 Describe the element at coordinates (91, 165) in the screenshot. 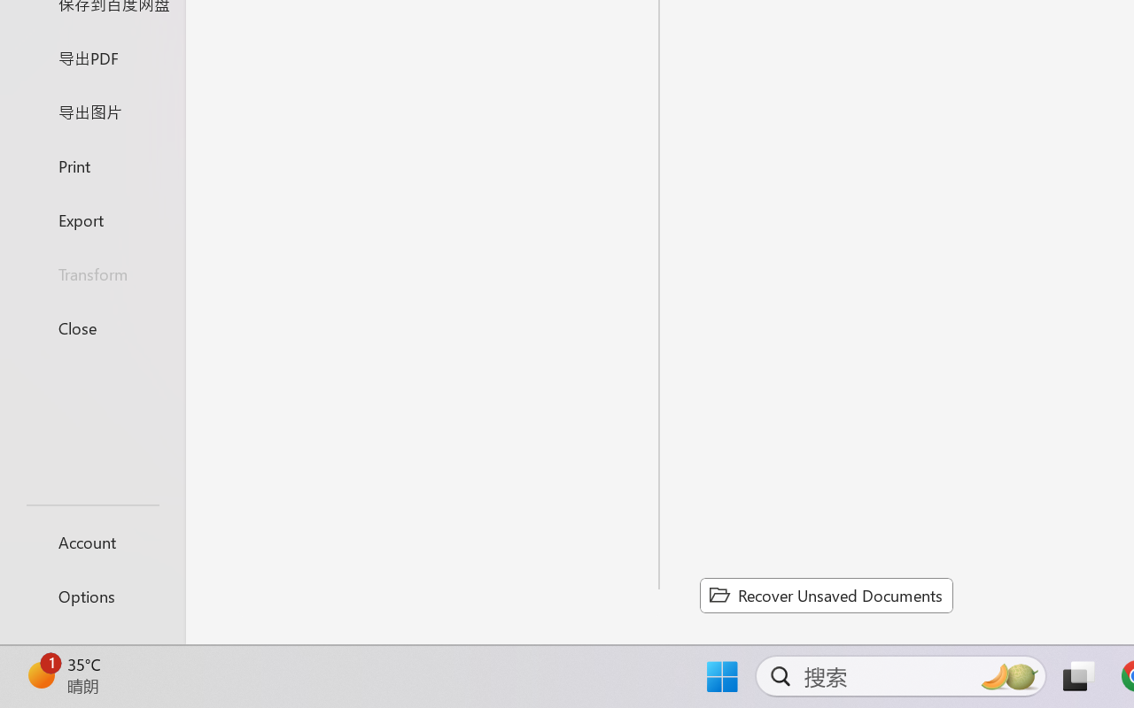

I see `'Print'` at that location.